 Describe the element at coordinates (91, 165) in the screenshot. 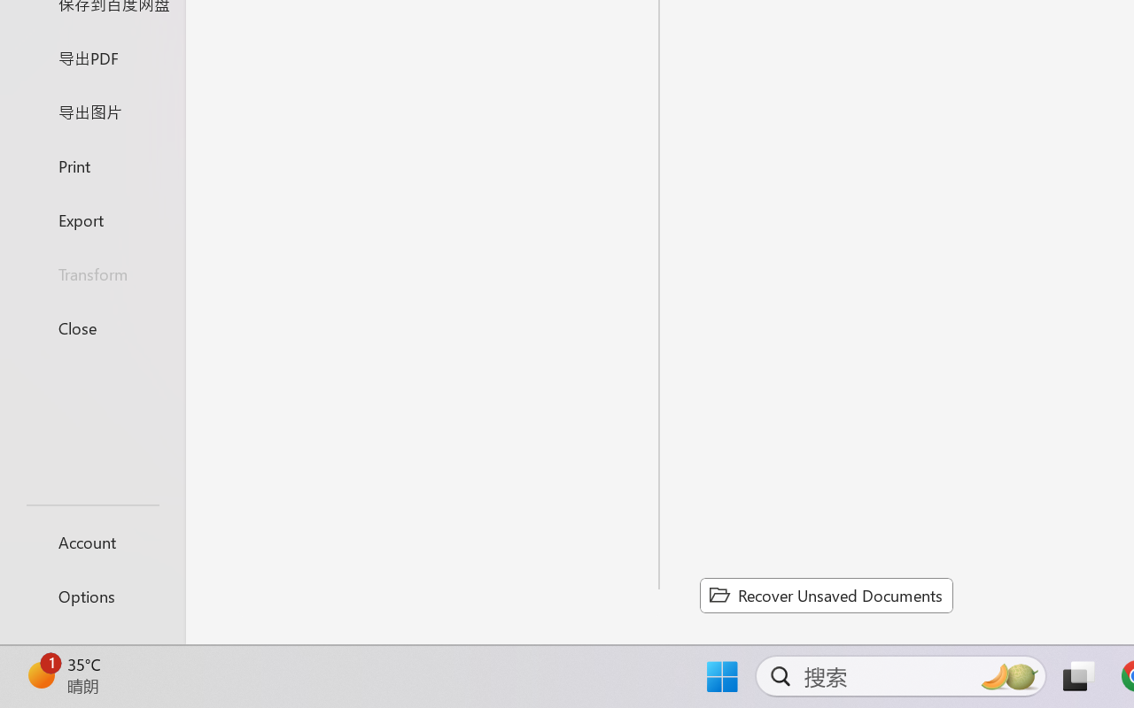

I see `'Print'` at that location.